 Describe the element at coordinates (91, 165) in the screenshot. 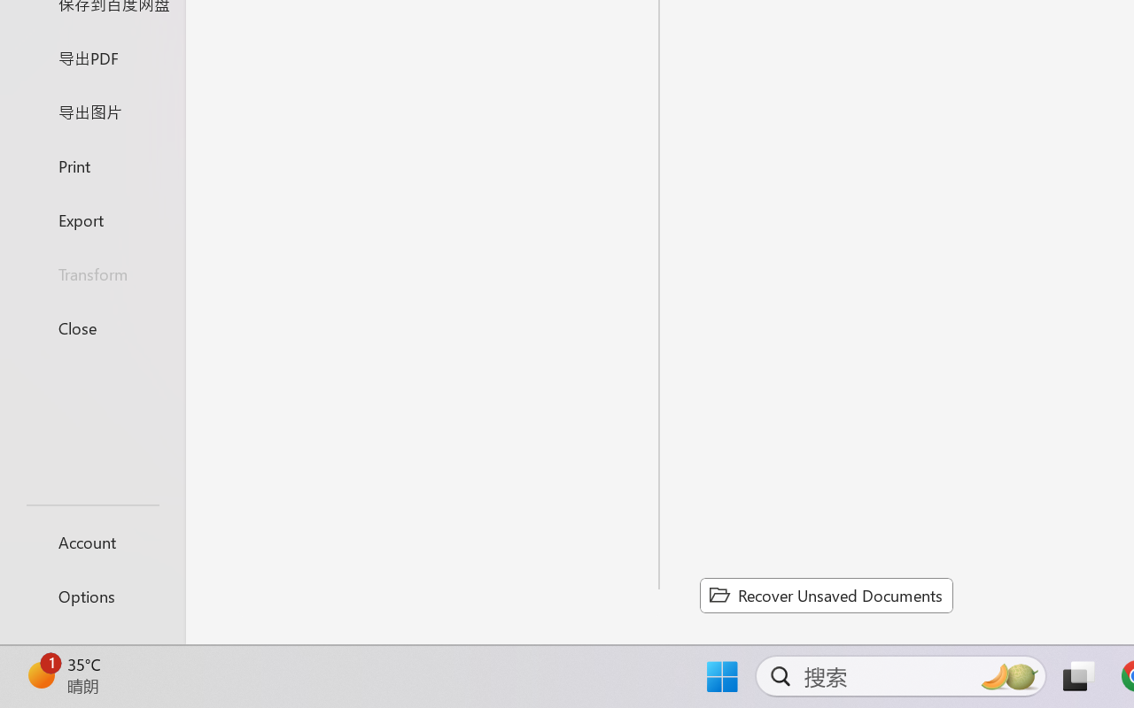

I see `'Print'` at that location.